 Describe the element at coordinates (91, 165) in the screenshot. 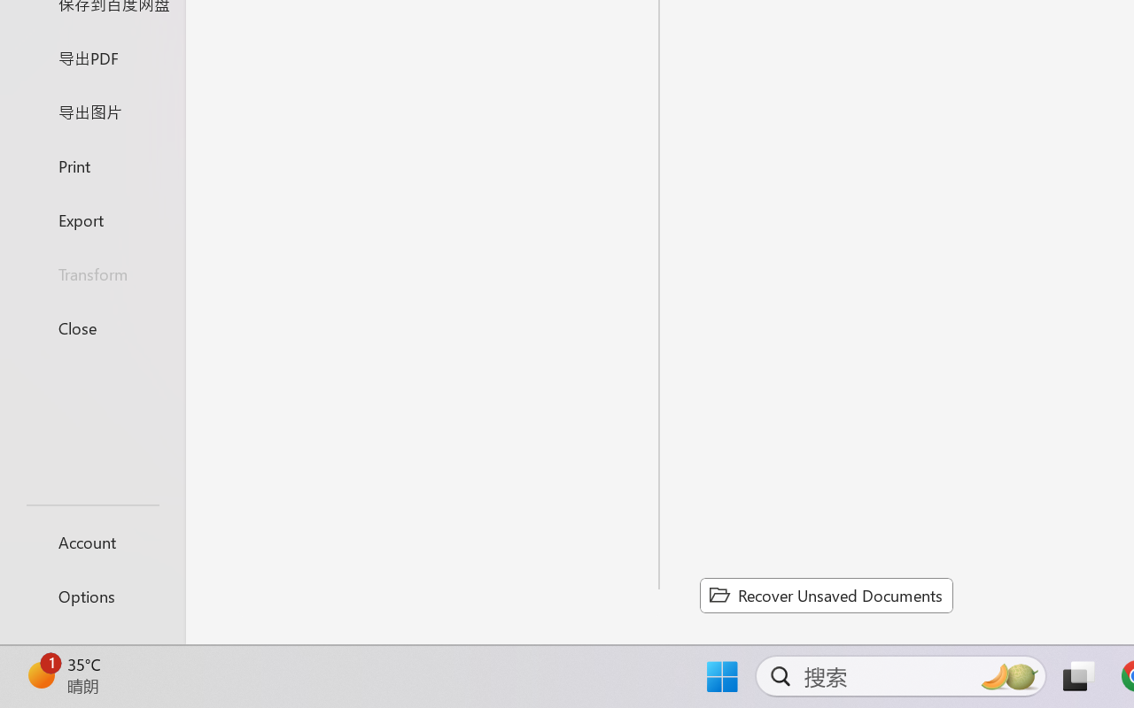

I see `'Print'` at that location.